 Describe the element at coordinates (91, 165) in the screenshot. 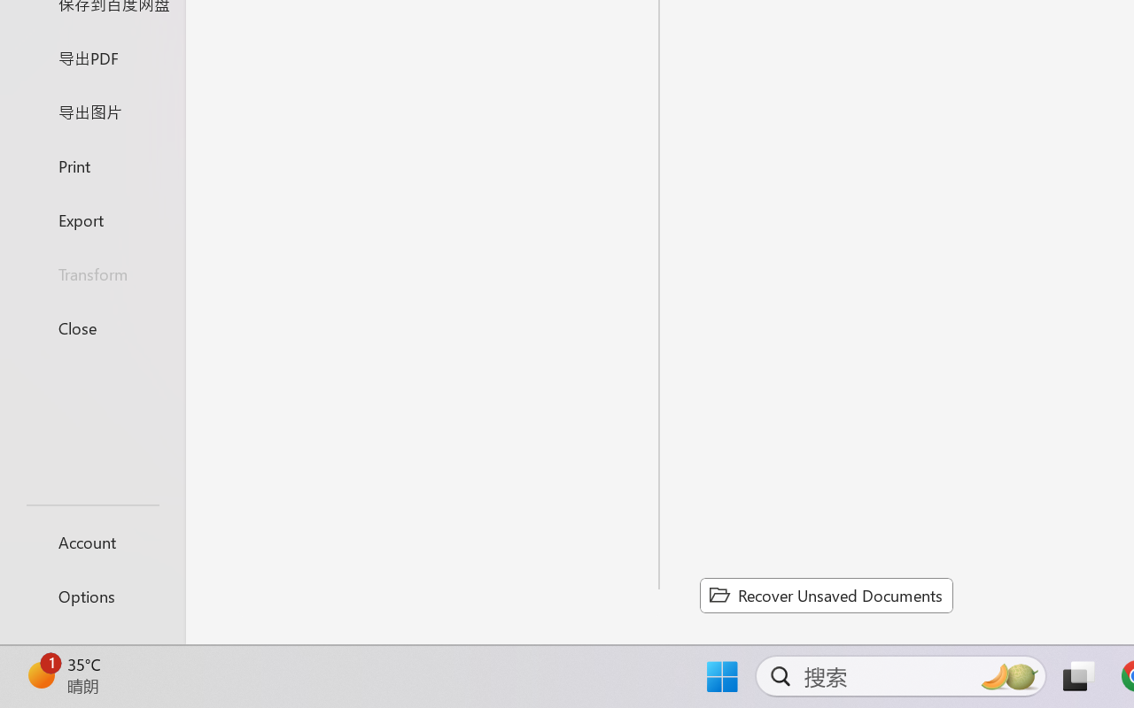

I see `'Print'` at that location.